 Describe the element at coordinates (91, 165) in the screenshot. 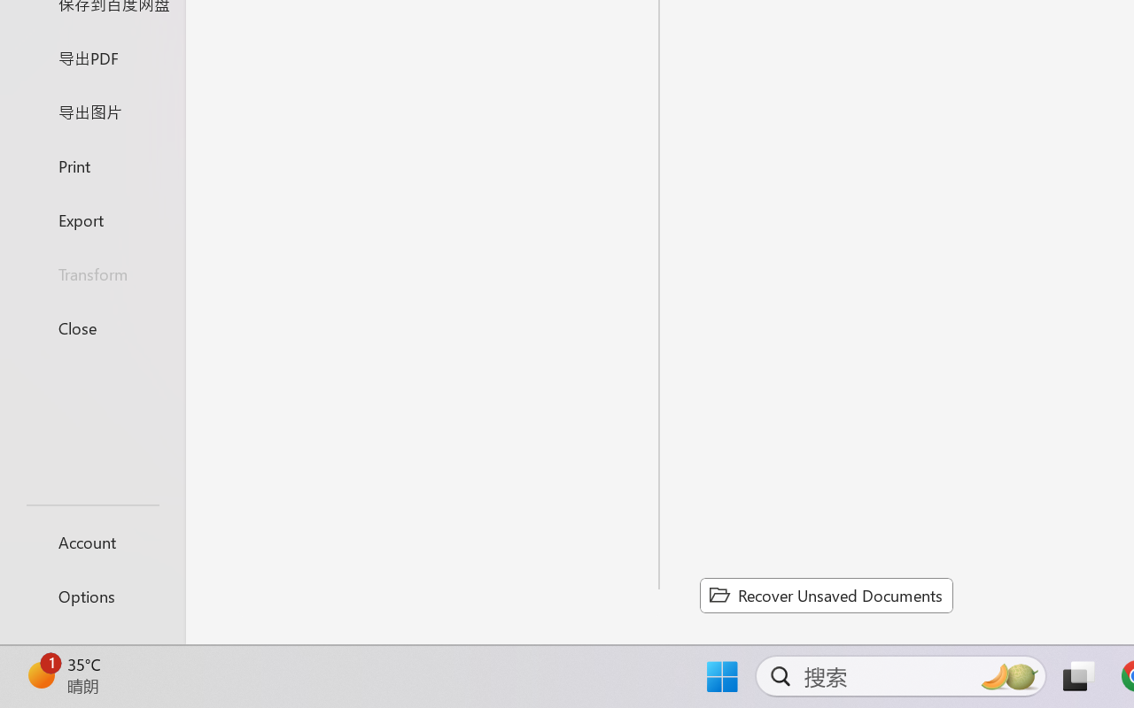

I see `'Print'` at that location.